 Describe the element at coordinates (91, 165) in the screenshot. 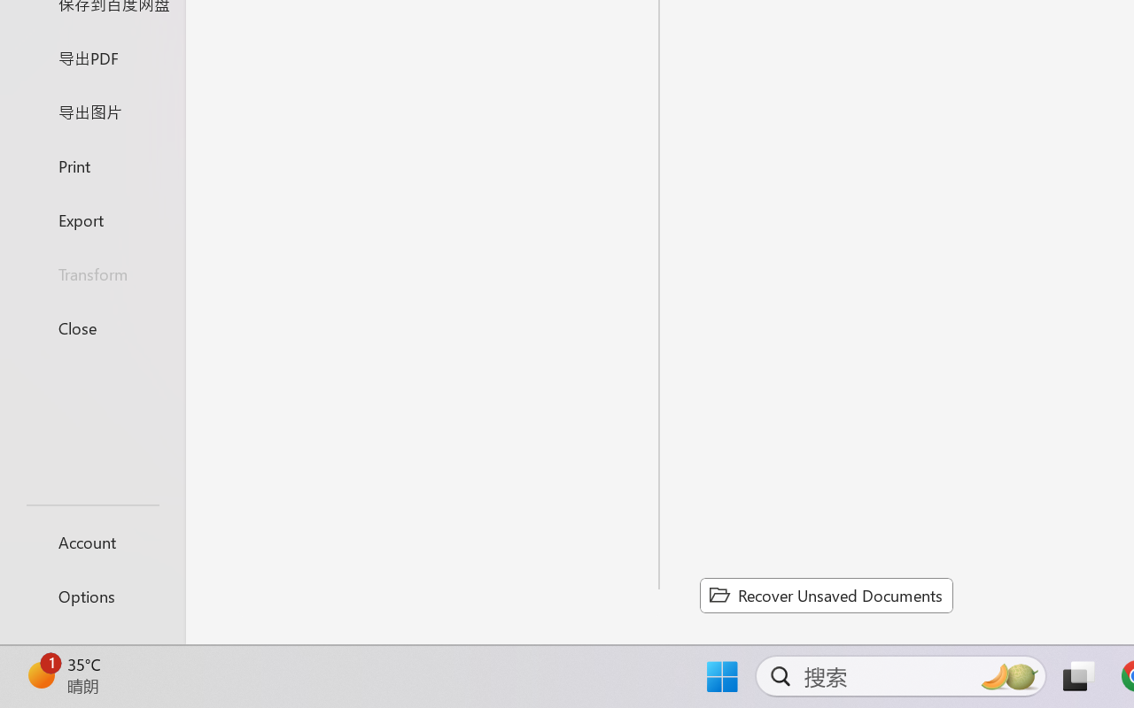

I see `'Print'` at that location.